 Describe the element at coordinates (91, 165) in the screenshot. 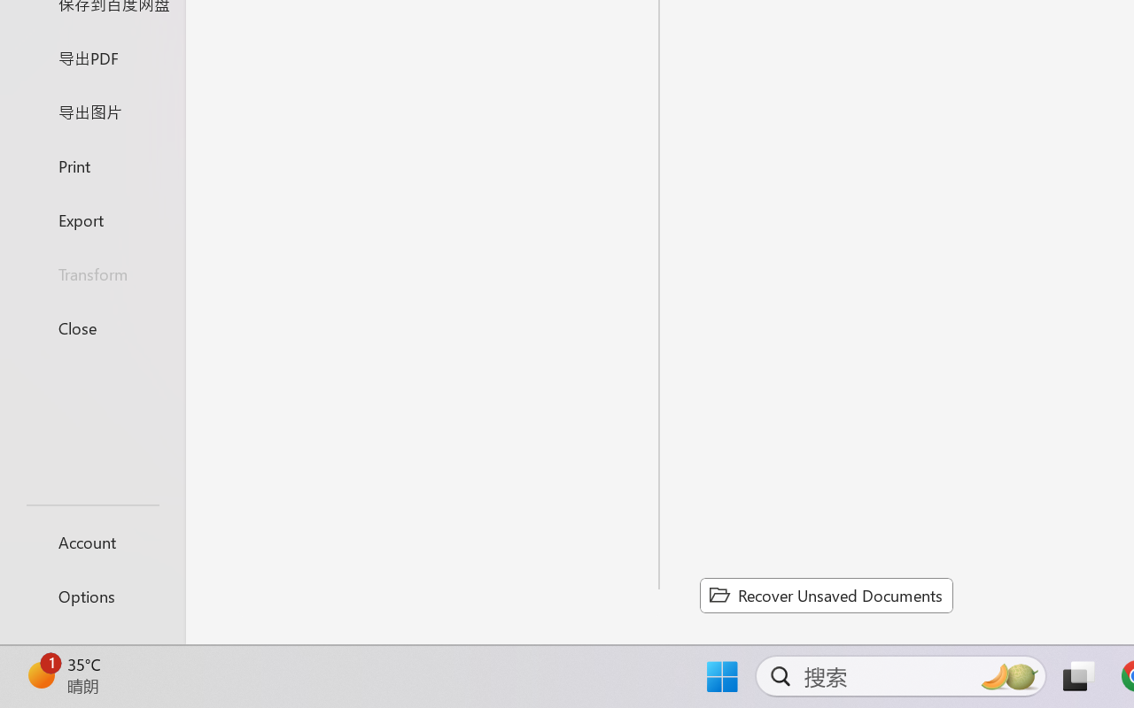

I see `'Print'` at that location.